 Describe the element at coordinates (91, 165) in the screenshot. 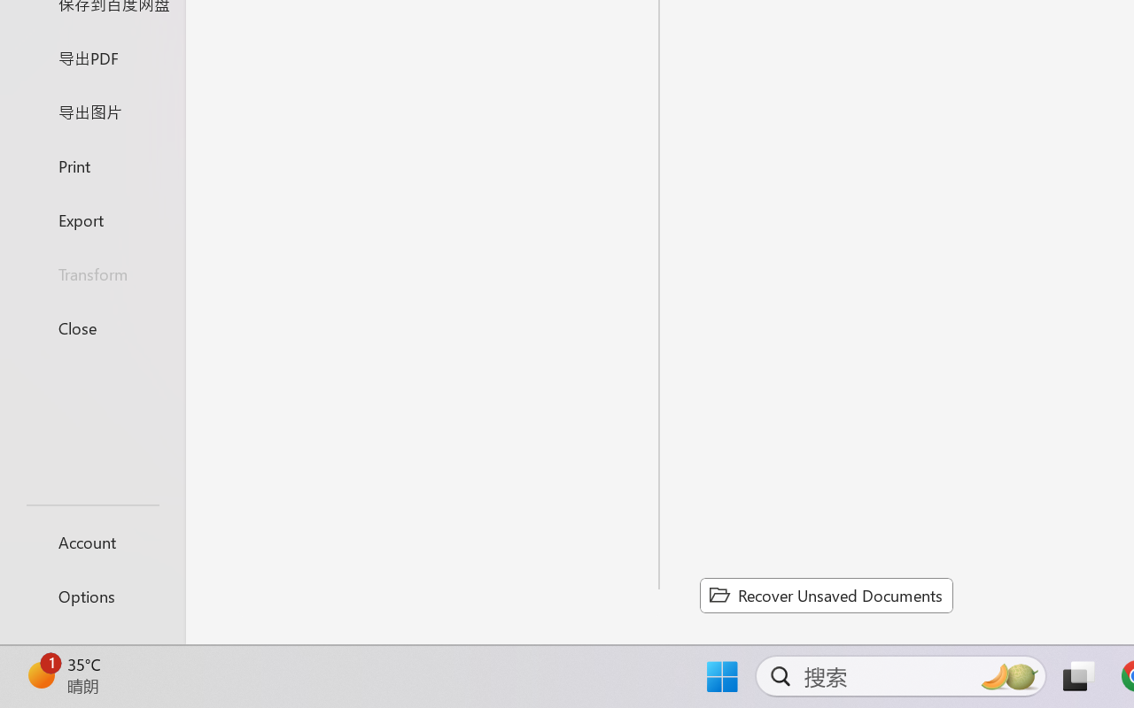

I see `'Print'` at that location.